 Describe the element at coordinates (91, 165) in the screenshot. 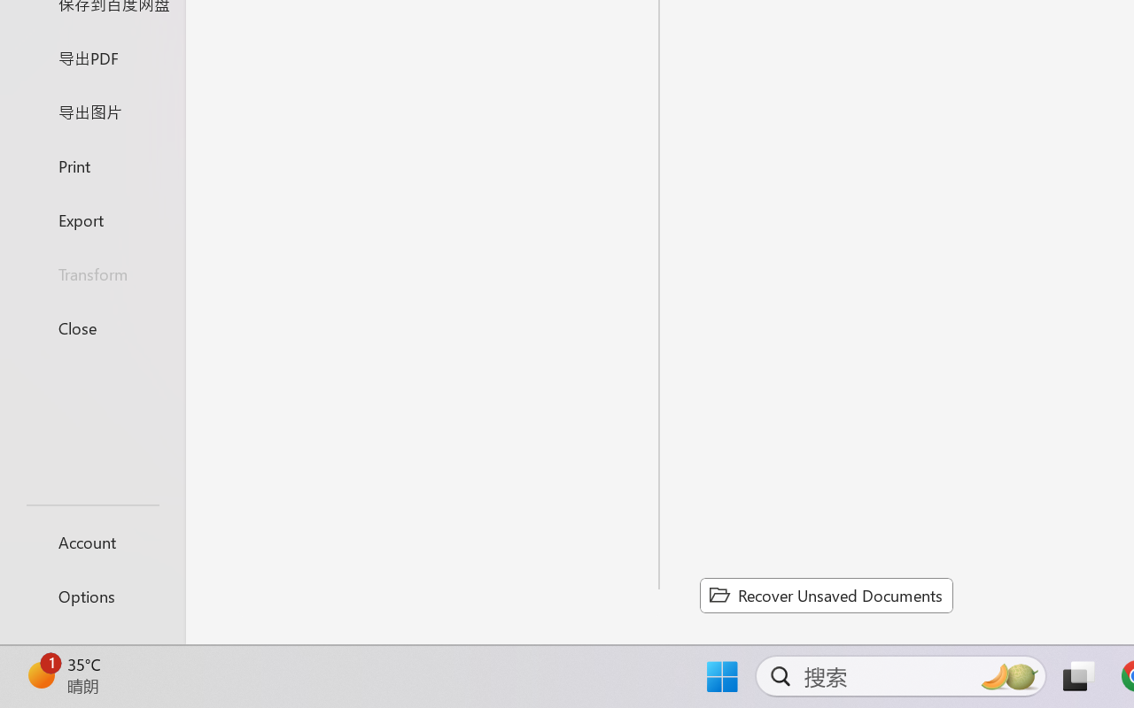

I see `'Print'` at that location.